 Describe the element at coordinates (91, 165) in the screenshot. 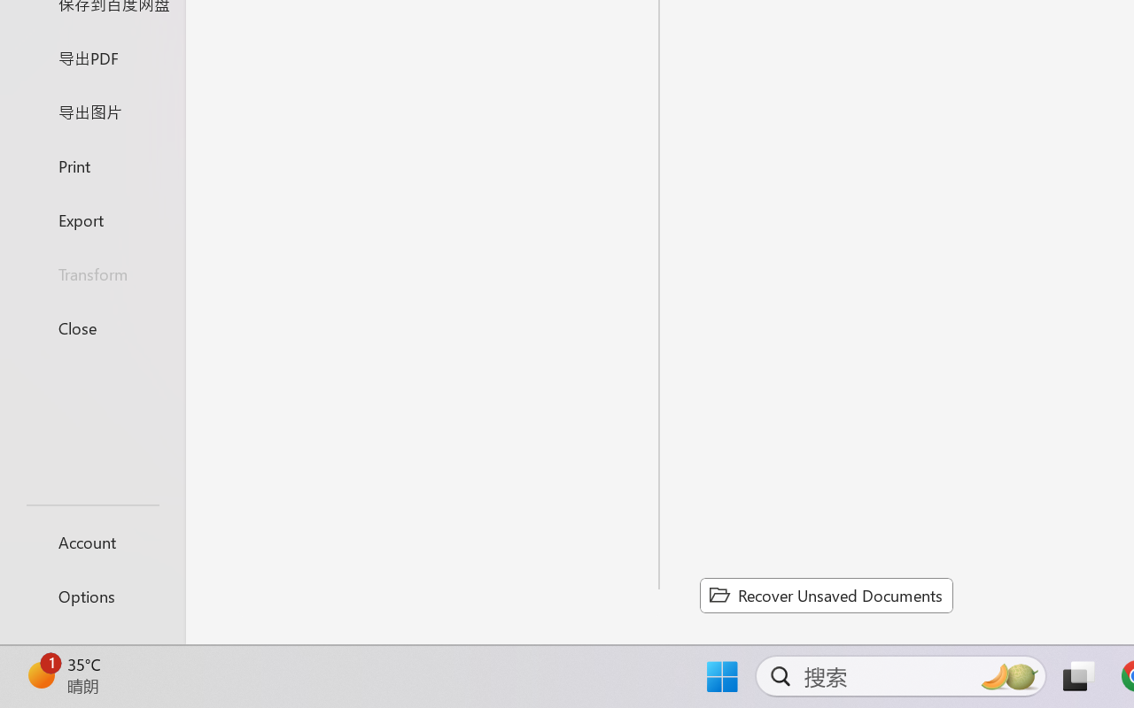

I see `'Print'` at that location.